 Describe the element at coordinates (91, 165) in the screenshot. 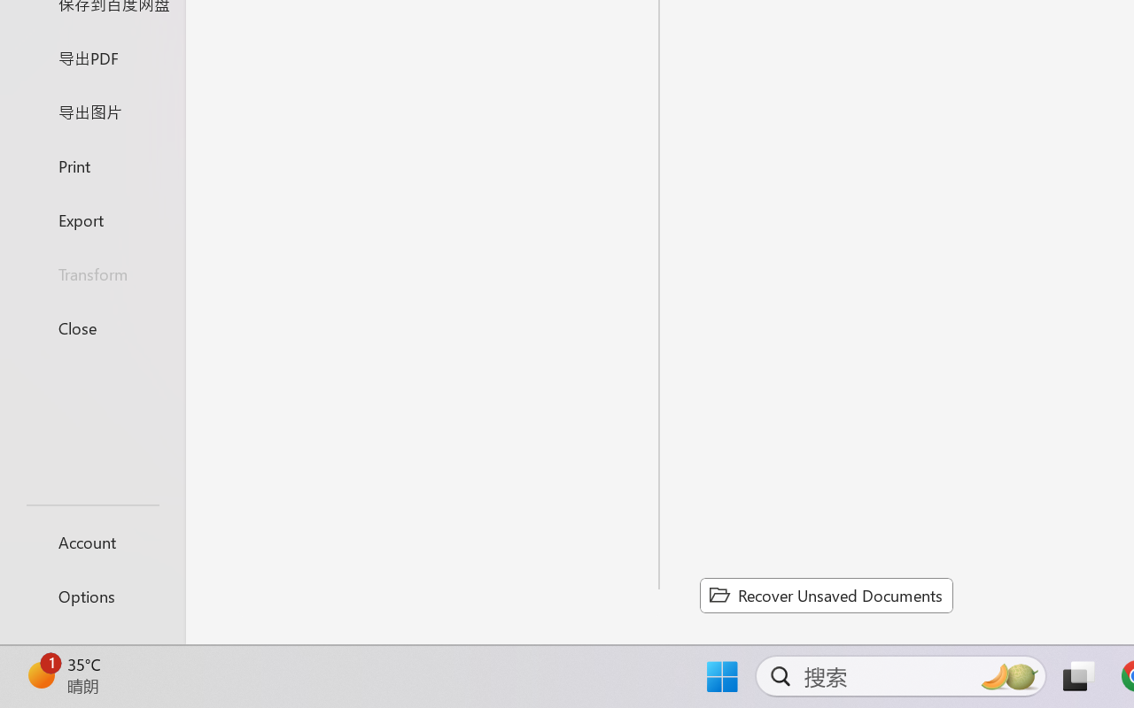

I see `'Print'` at that location.